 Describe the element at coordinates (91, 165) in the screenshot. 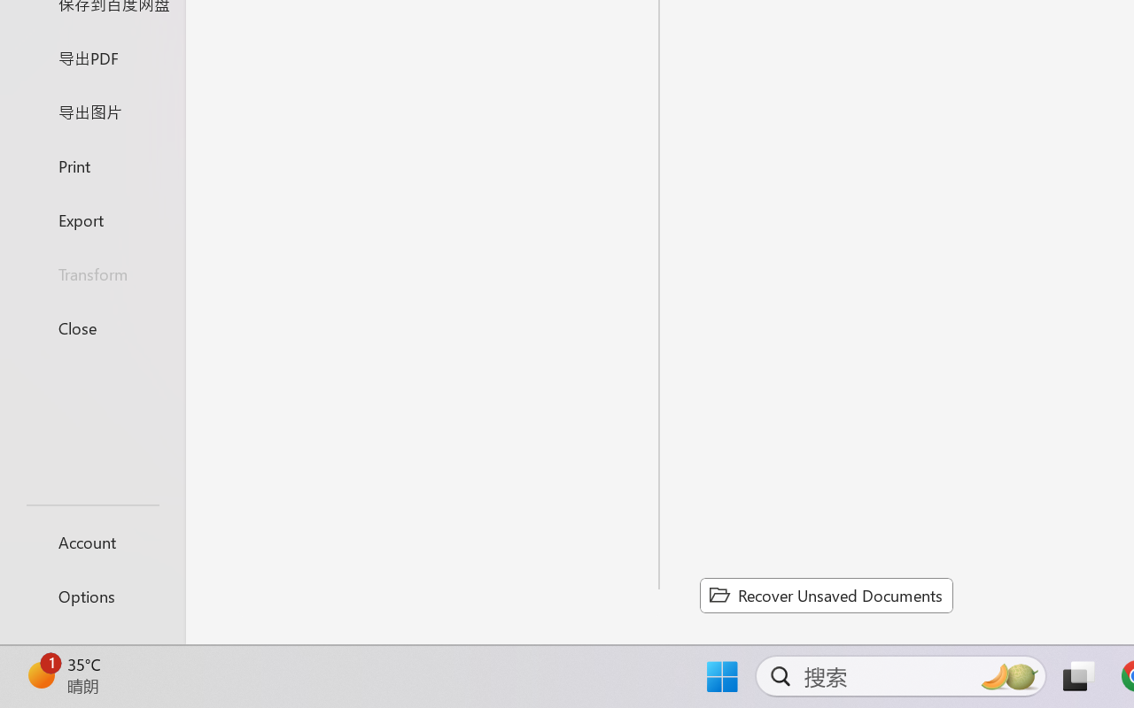

I see `'Print'` at that location.